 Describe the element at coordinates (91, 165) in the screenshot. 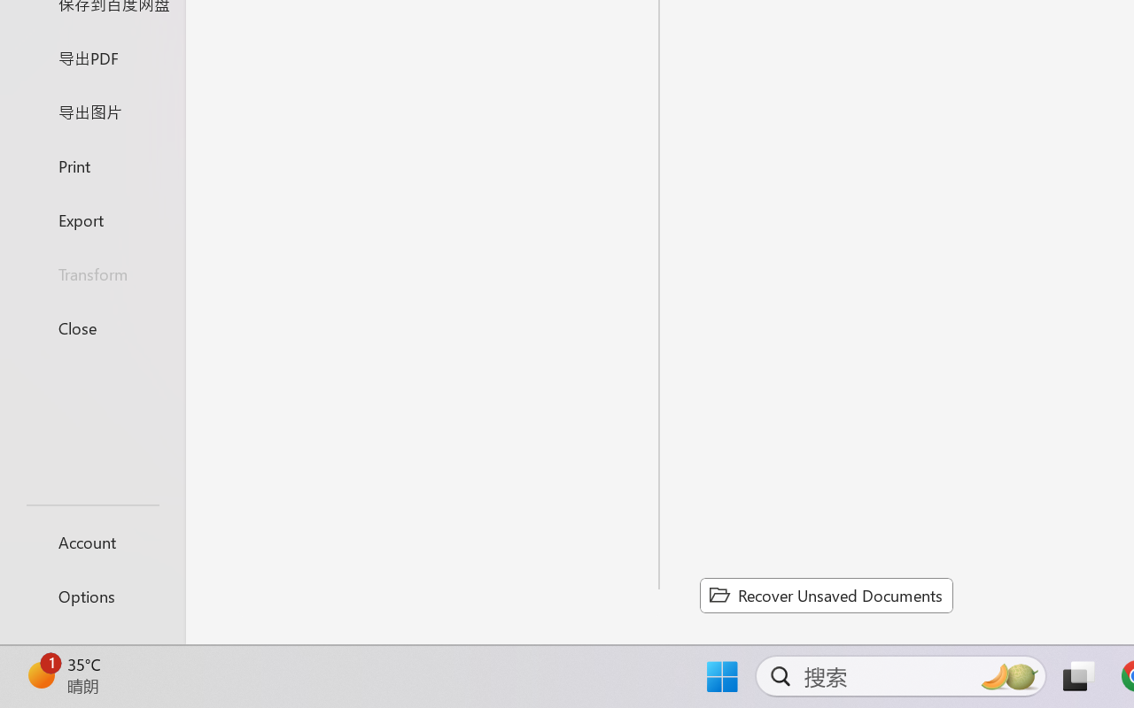

I see `'Print'` at that location.